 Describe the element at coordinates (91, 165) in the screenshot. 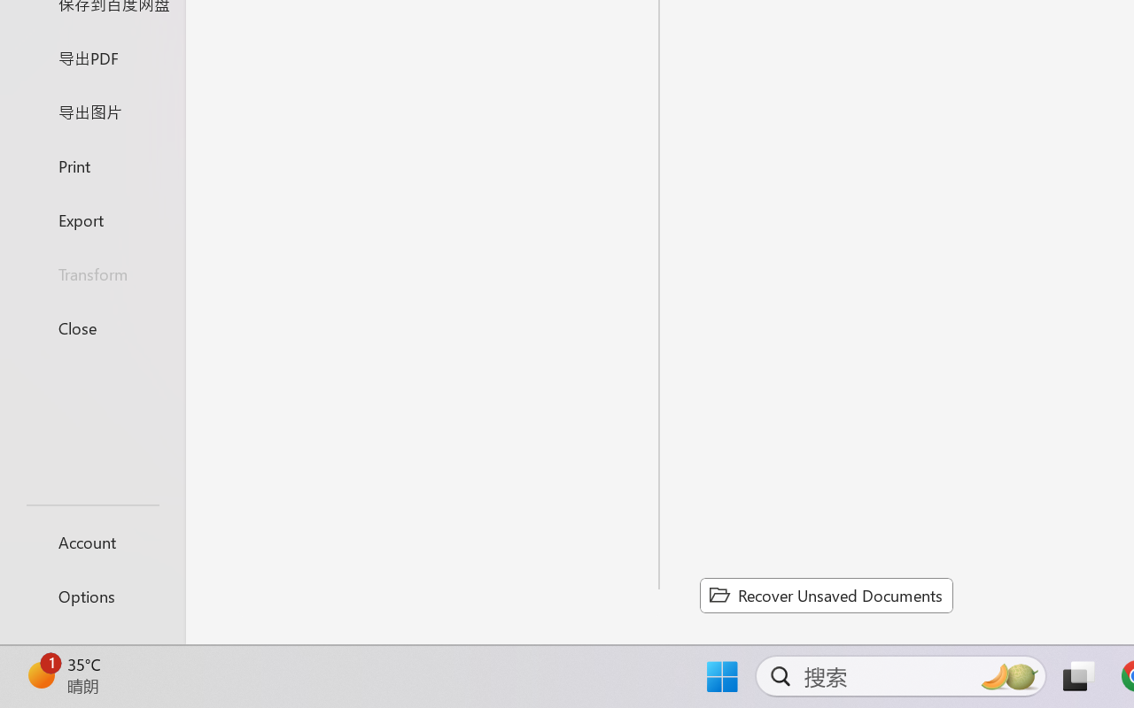

I see `'Print'` at that location.